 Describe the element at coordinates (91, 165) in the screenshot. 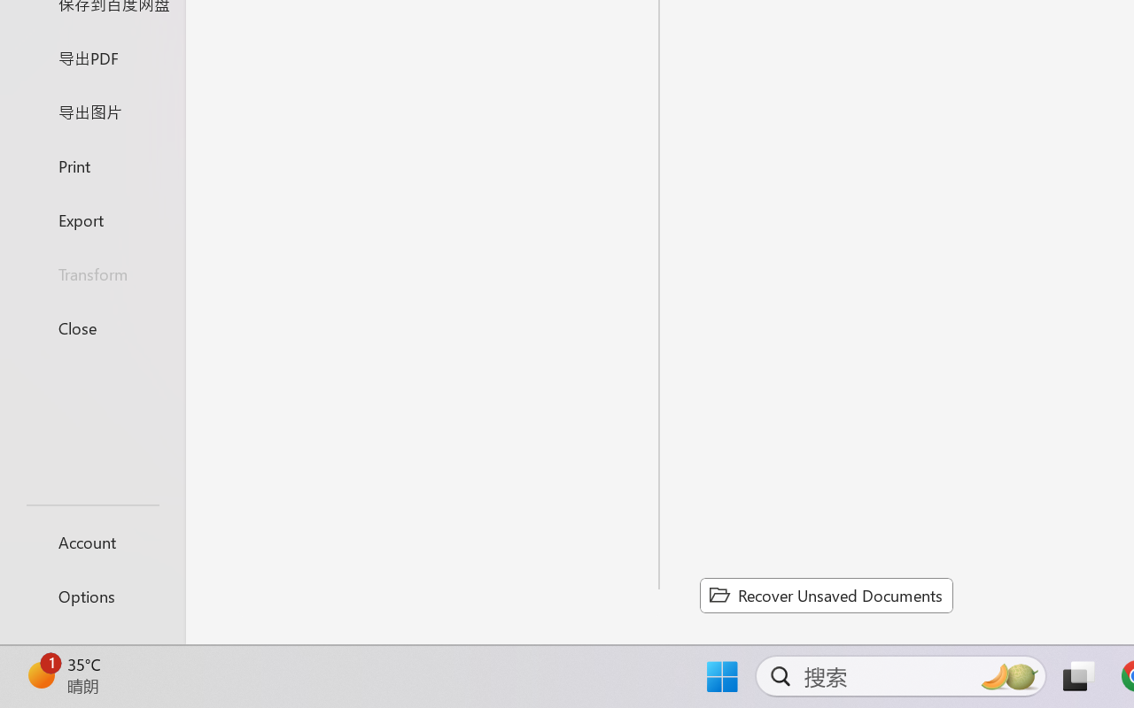

I see `'Print'` at that location.